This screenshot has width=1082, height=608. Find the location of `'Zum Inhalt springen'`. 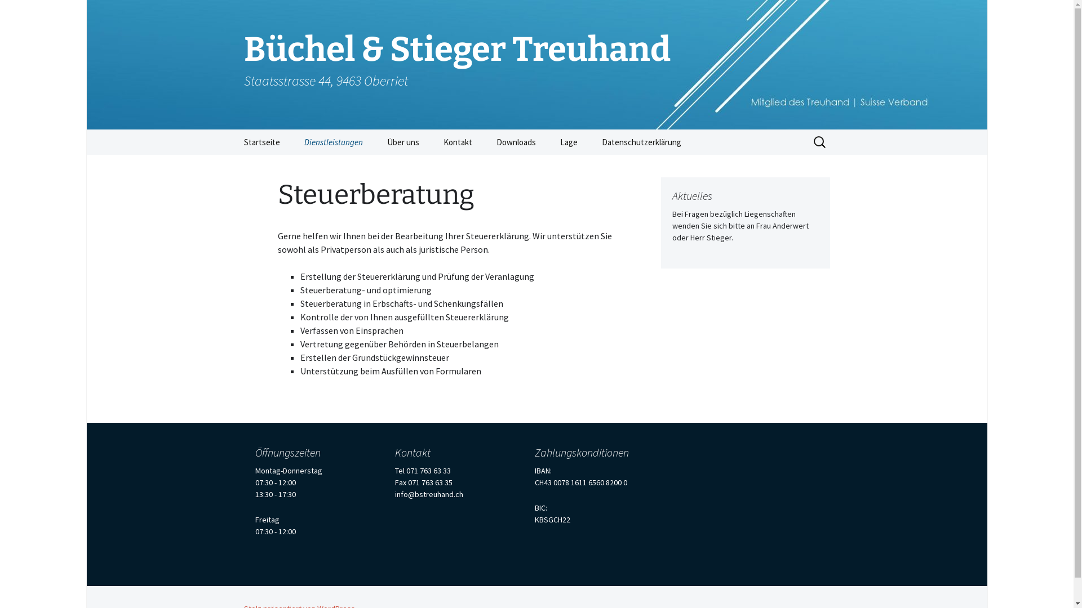

'Zum Inhalt springen' is located at coordinates (232, 128).